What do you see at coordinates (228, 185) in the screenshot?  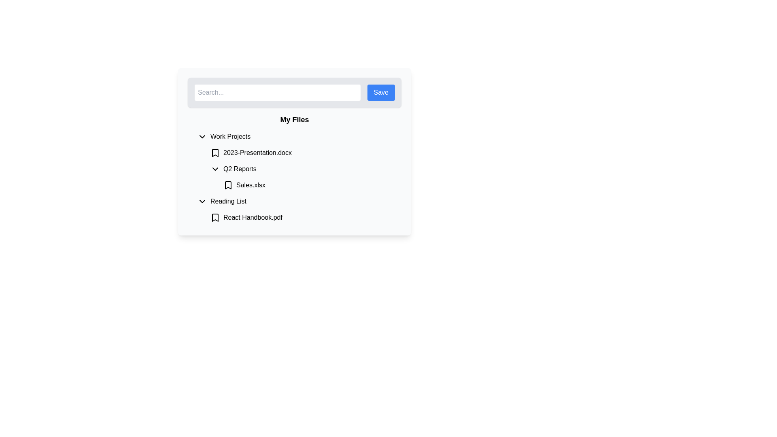 I see `the icon located to the left of the file name 'Sales.xlsx'` at bounding box center [228, 185].